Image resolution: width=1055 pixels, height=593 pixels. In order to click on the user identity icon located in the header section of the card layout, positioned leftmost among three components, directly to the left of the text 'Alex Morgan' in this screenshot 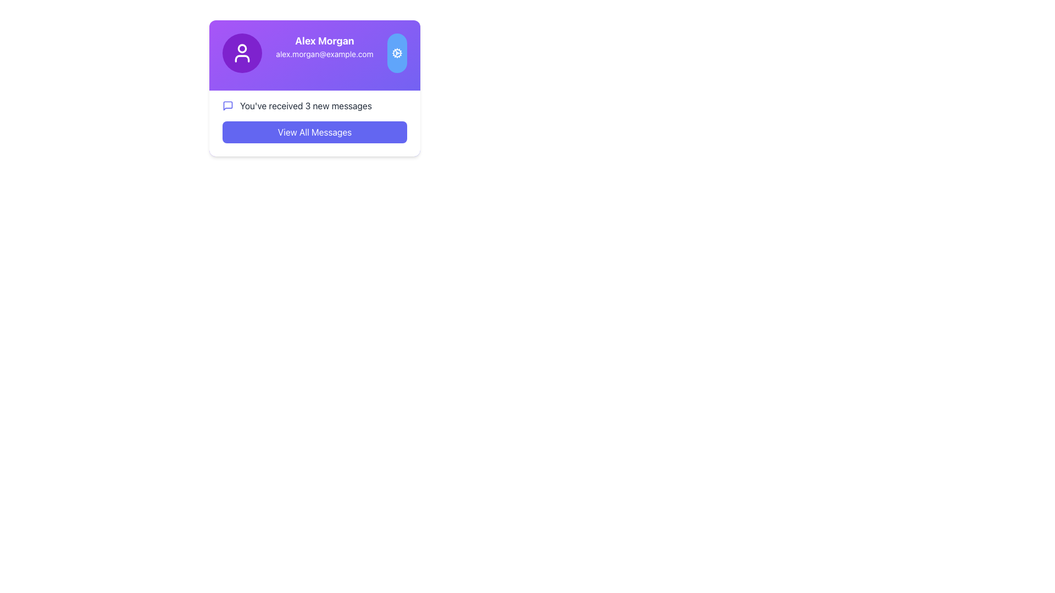, I will do `click(242, 53)`.